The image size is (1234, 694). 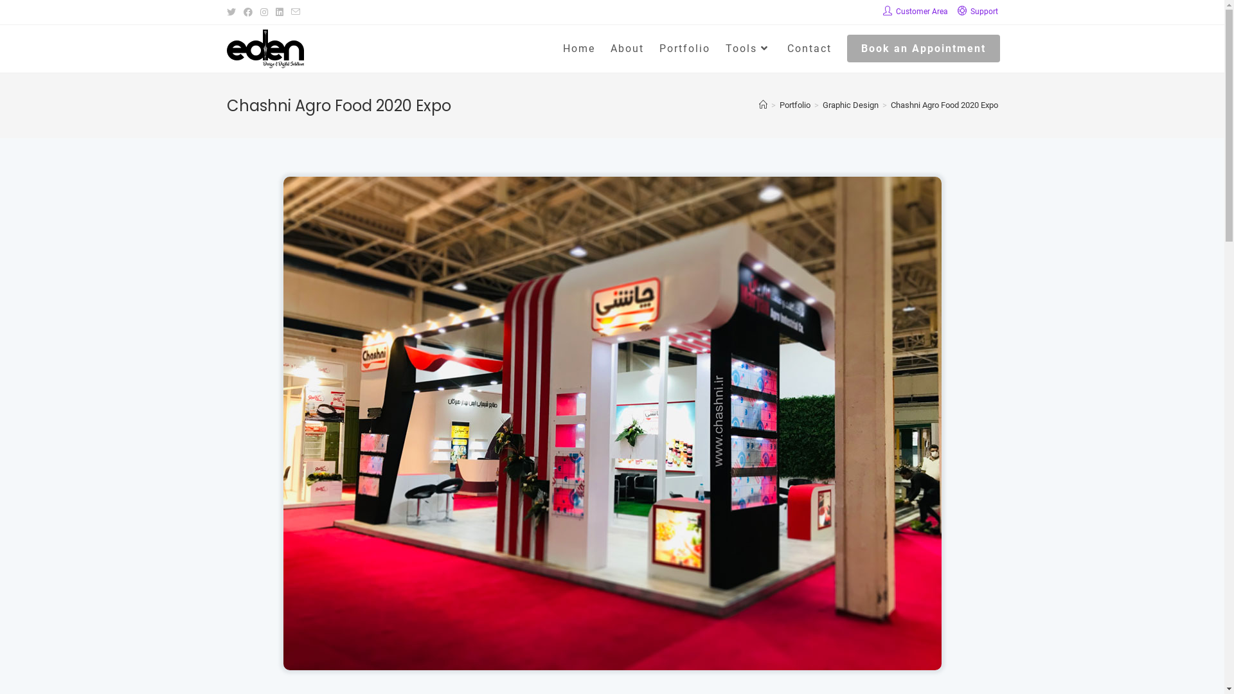 What do you see at coordinates (814, 517) in the screenshot?
I see `'Brochure Print'` at bounding box center [814, 517].